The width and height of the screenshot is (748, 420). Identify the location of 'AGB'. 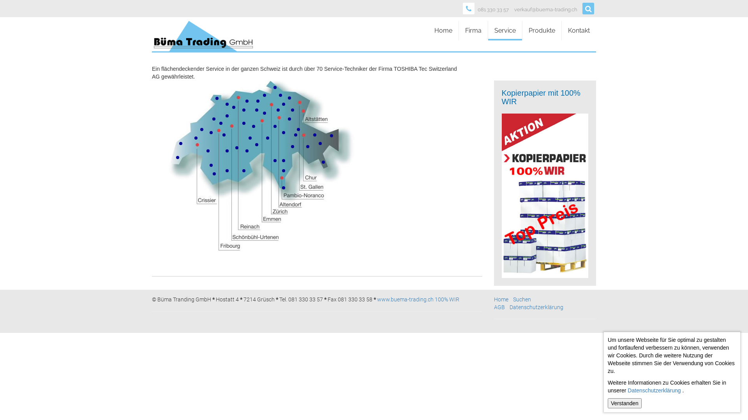
(499, 307).